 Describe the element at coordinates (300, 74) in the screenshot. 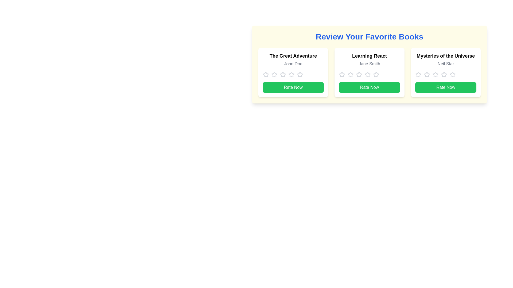

I see `the fourth star icon in the rating system under the book 'The Great Adventure' by John Doe` at that location.